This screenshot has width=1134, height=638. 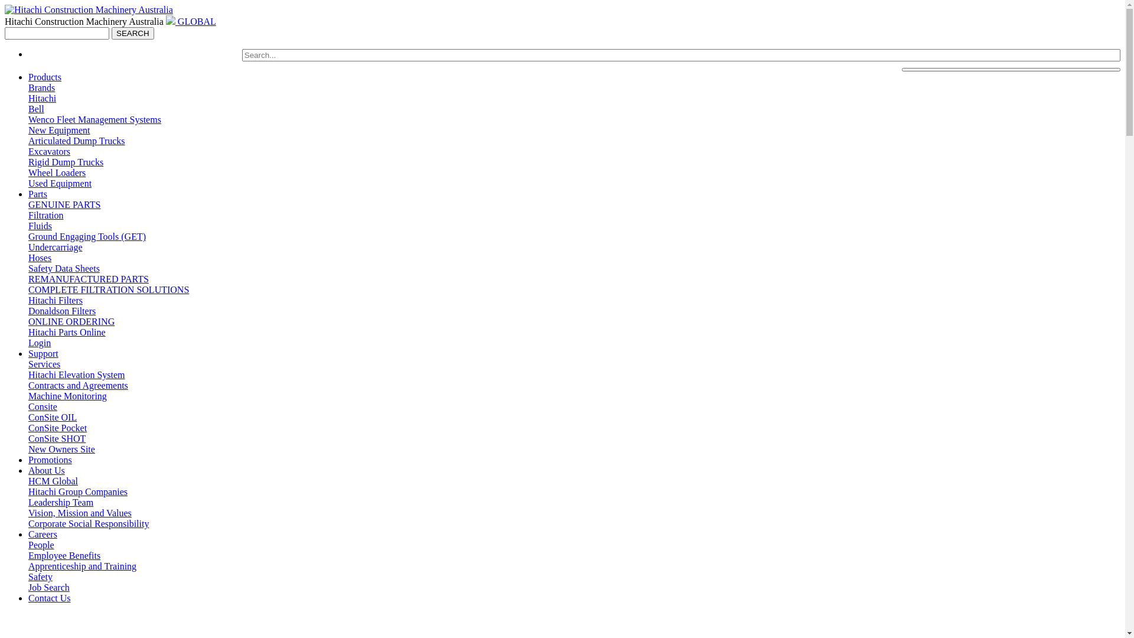 What do you see at coordinates (58, 130) in the screenshot?
I see `'New Equipment'` at bounding box center [58, 130].